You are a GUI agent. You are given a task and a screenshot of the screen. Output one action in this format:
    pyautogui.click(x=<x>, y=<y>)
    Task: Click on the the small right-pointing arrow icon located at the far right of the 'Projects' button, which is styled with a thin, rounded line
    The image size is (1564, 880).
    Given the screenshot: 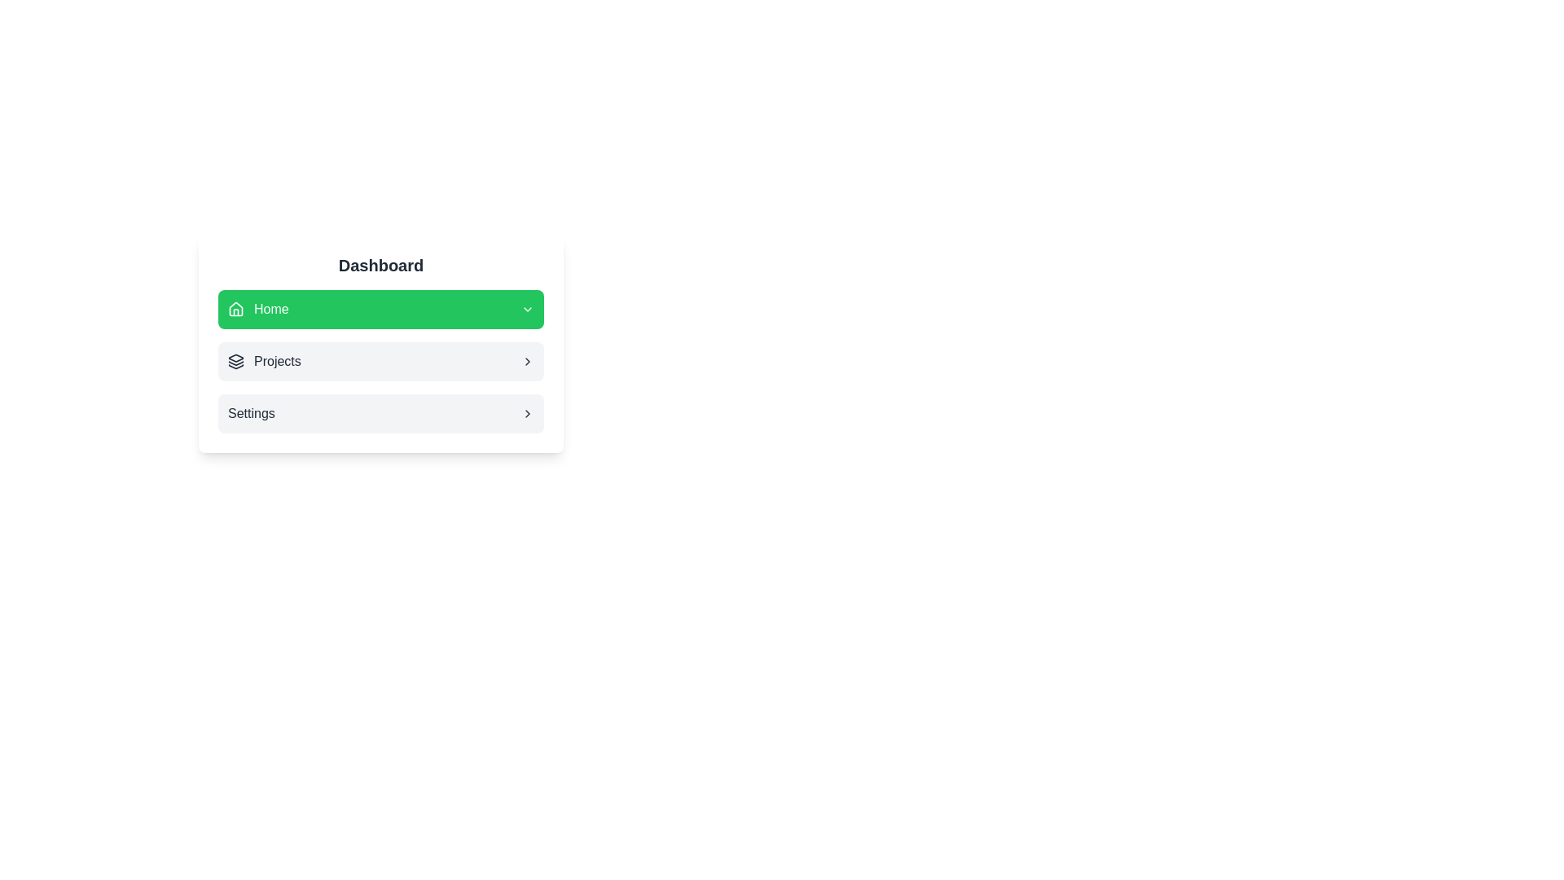 What is the action you would take?
    pyautogui.click(x=528, y=360)
    